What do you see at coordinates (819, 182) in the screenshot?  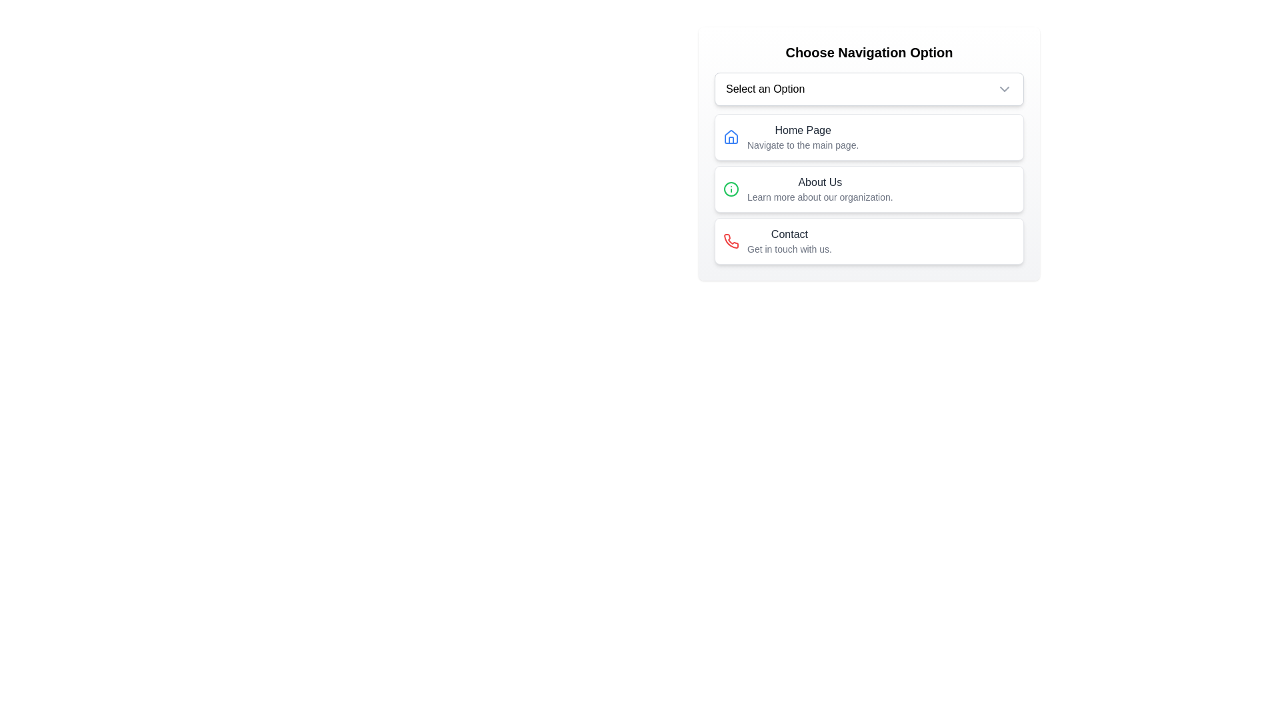 I see `the 'About Us' text label located in the navigation menu, which is styled with medium-weight font and dark gray color` at bounding box center [819, 182].